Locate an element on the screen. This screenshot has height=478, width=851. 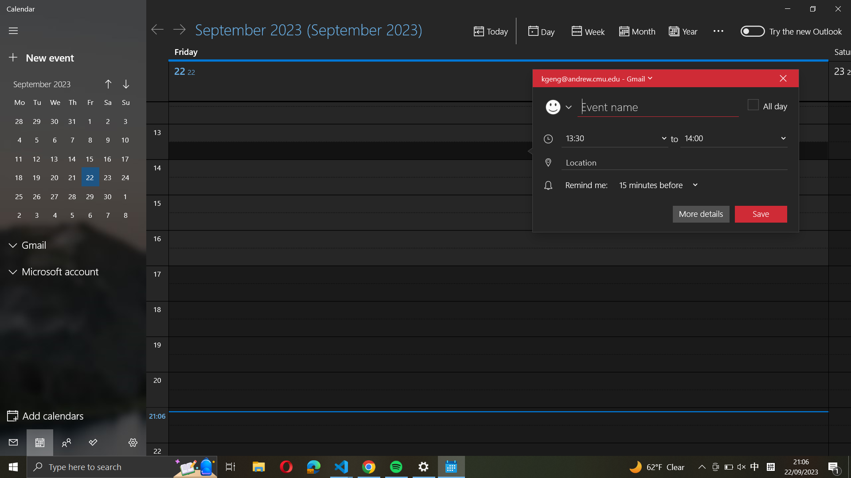
Enter "New York" in the event location field is located at coordinates (672, 162).